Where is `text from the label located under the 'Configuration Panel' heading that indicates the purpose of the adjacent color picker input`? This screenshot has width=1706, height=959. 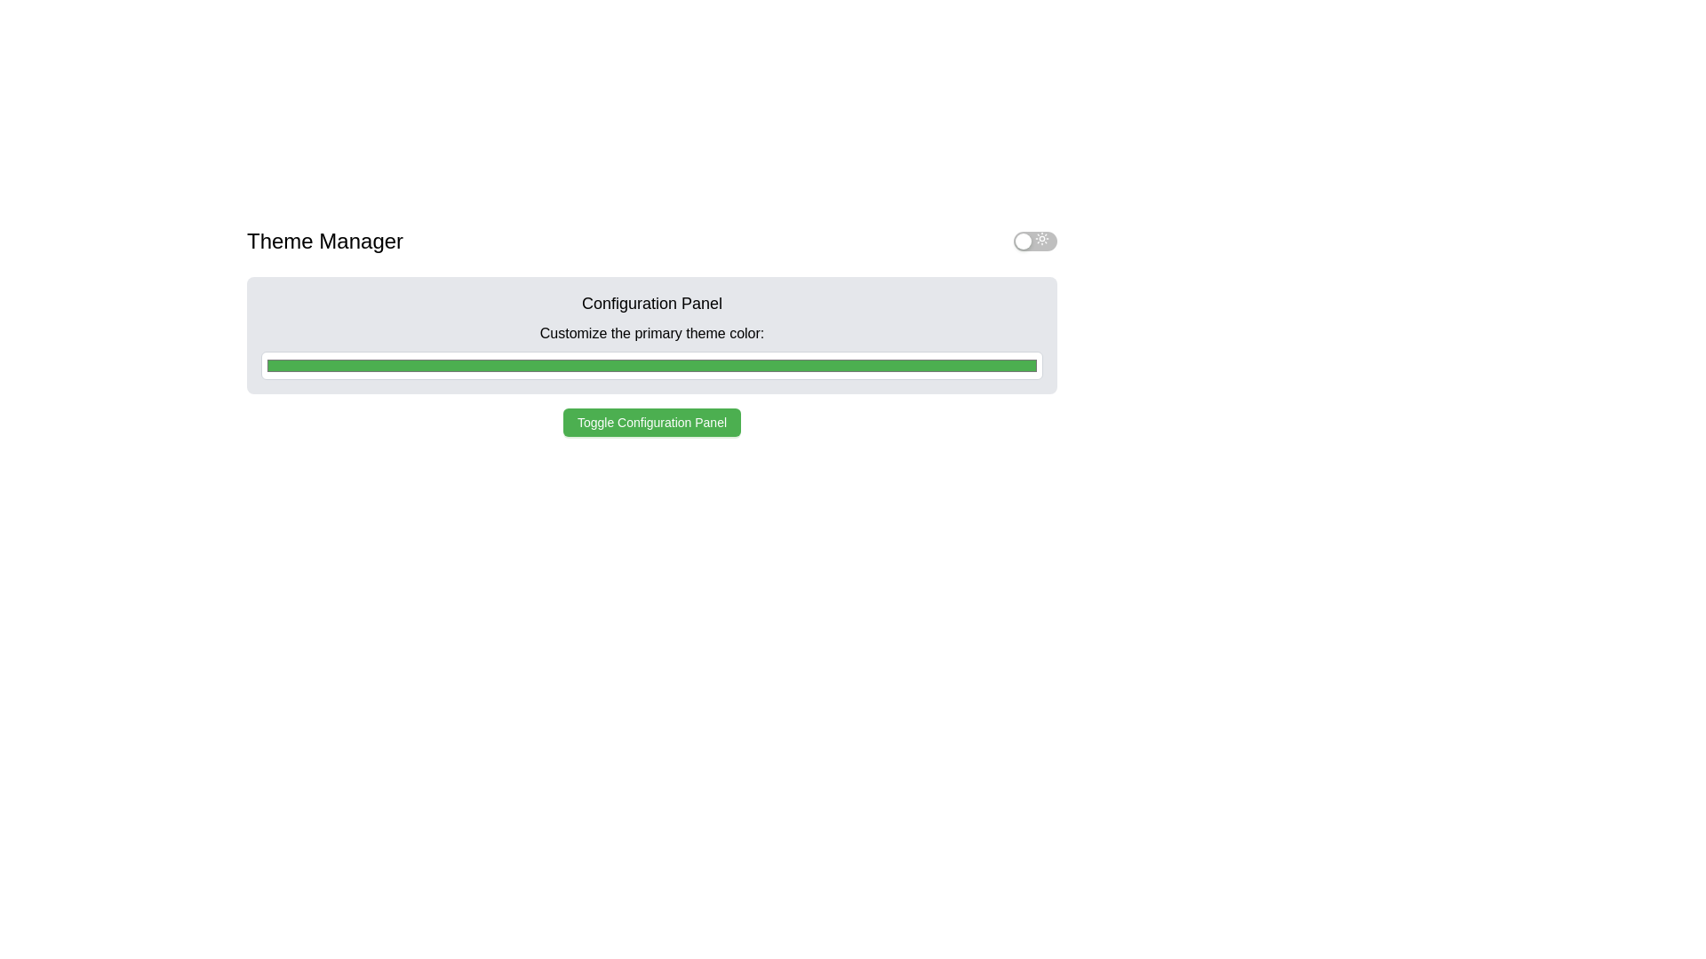
text from the label located under the 'Configuration Panel' heading that indicates the purpose of the adjacent color picker input is located at coordinates (651, 333).